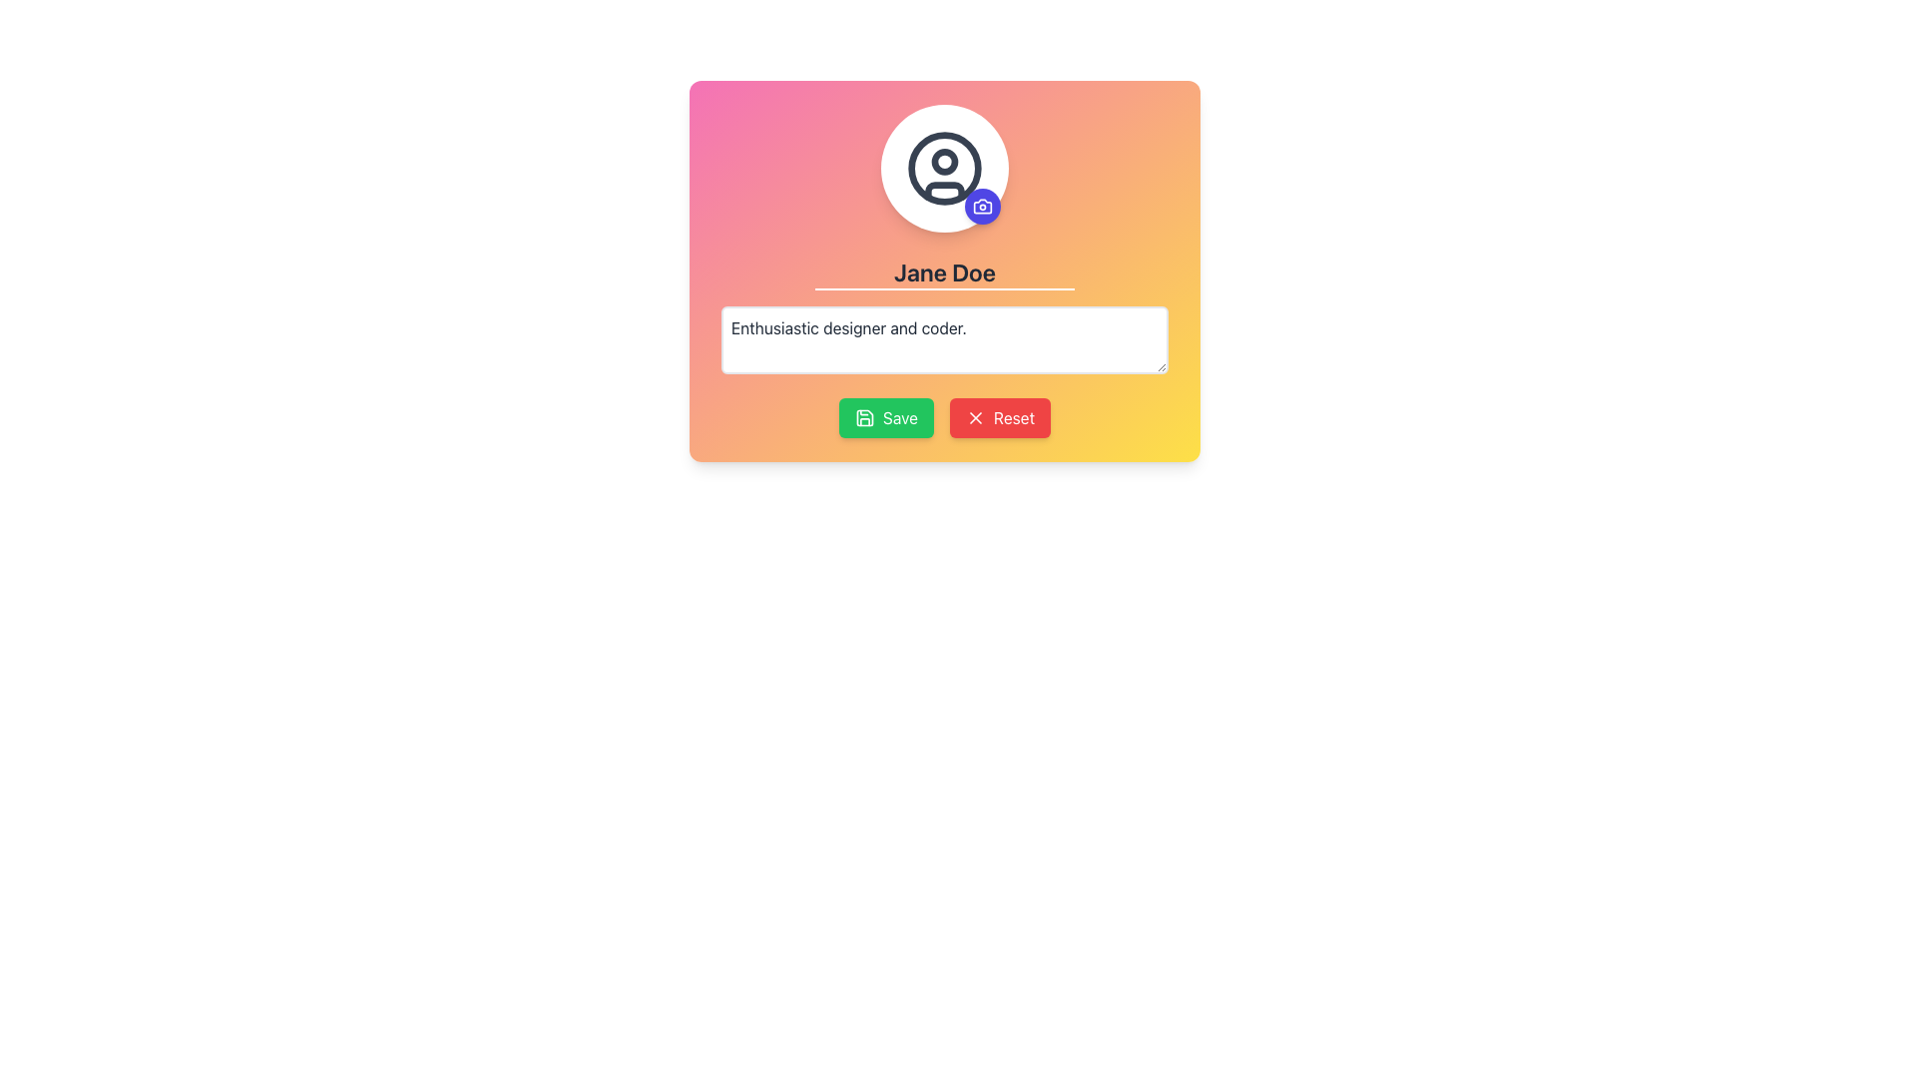 The width and height of the screenshot is (1916, 1078). What do you see at coordinates (982, 207) in the screenshot?
I see `the camera icon, which is a white line drawing on a blue circular background, located at the bottom-right corner of the user profile image` at bounding box center [982, 207].